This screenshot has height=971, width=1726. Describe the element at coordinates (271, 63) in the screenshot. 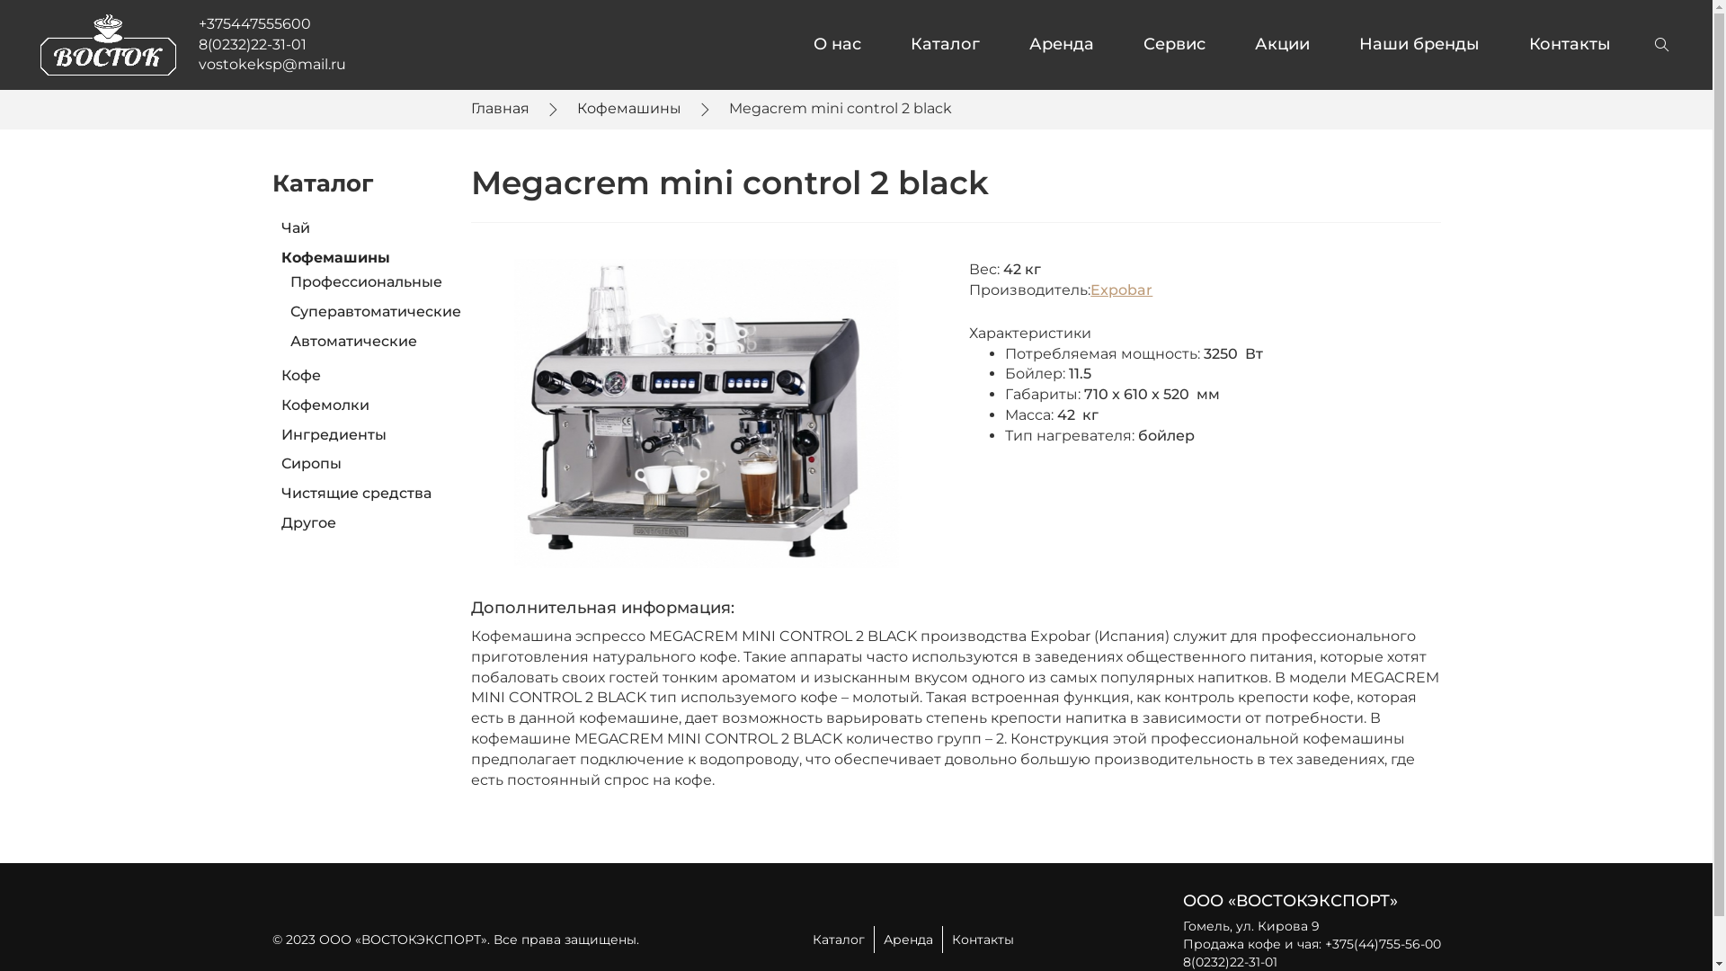

I see `'vostokeksp@mail.ru'` at that location.